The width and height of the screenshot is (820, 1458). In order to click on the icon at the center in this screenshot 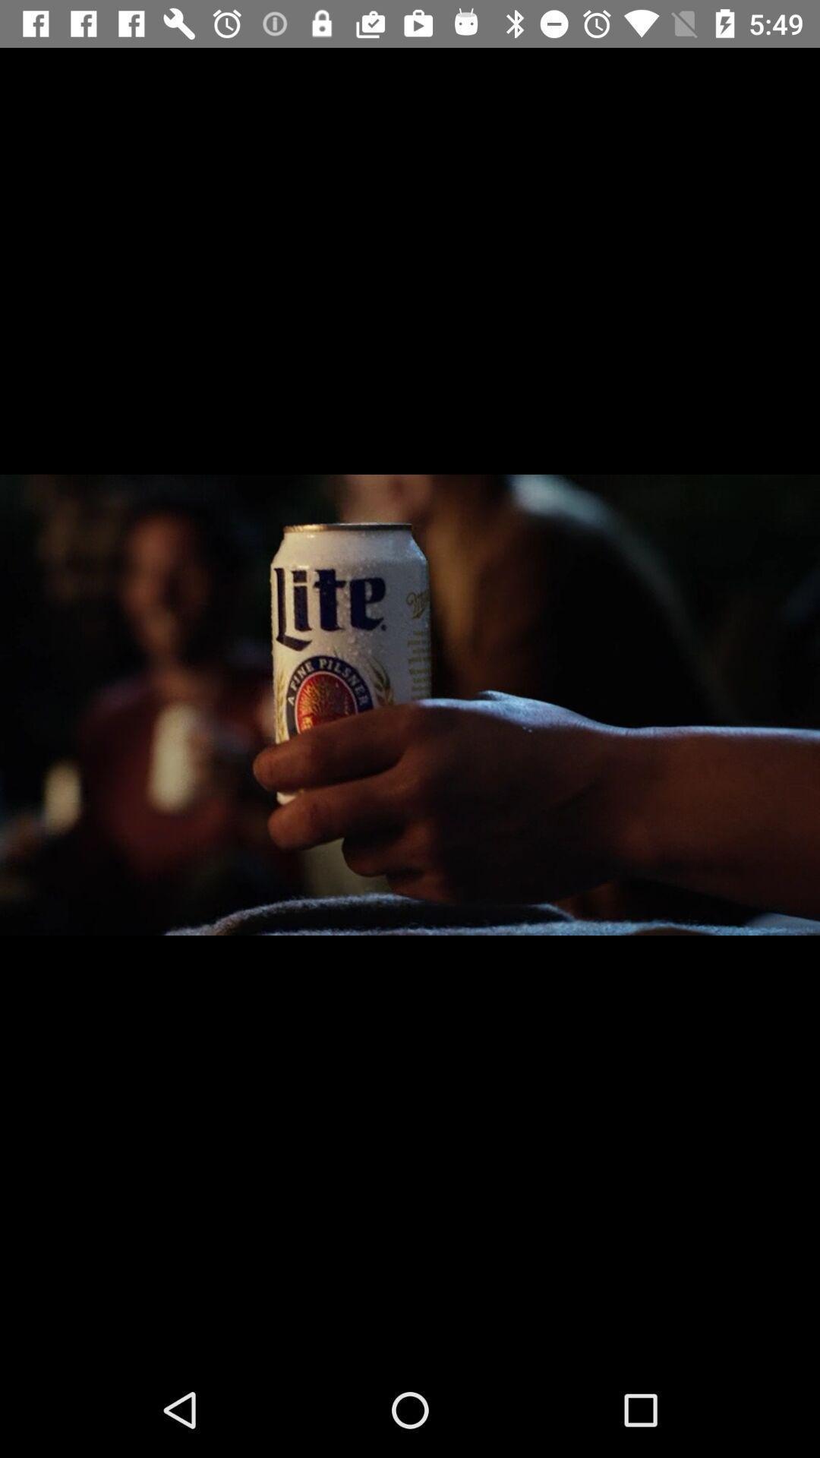, I will do `click(410, 704)`.